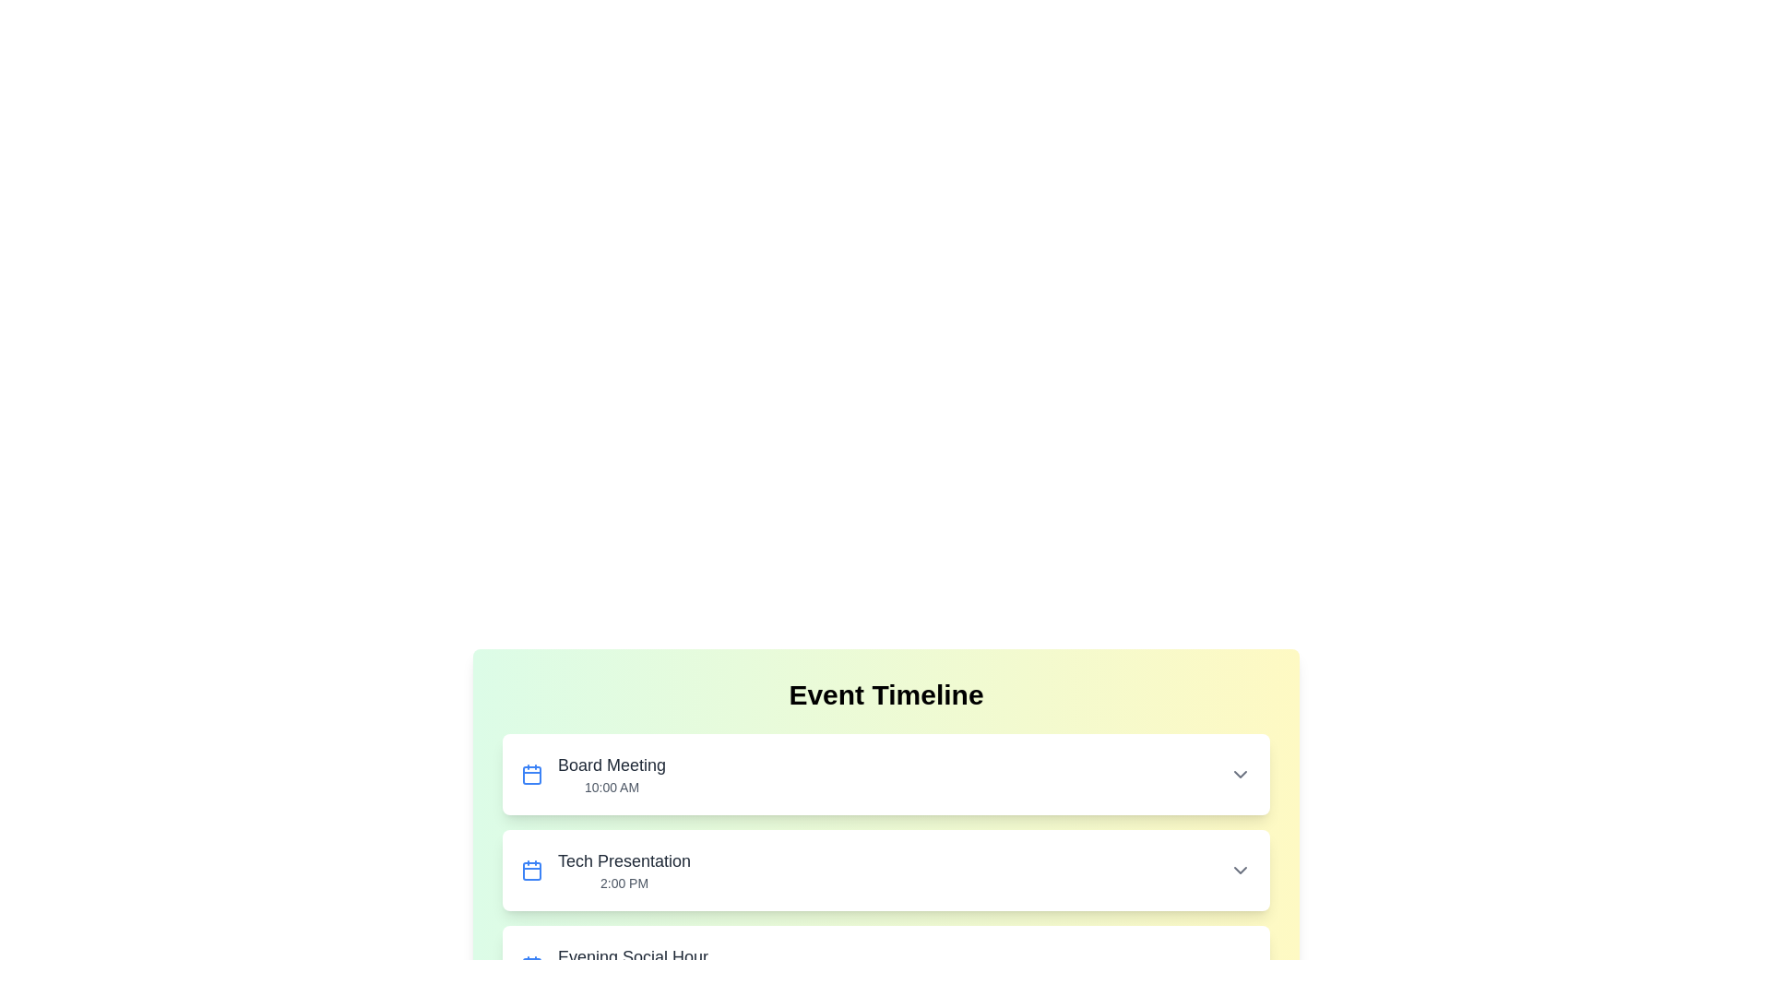 Image resolution: width=1771 pixels, height=996 pixels. I want to click on the list item displaying 'Evening Social Hour', so click(885, 966).